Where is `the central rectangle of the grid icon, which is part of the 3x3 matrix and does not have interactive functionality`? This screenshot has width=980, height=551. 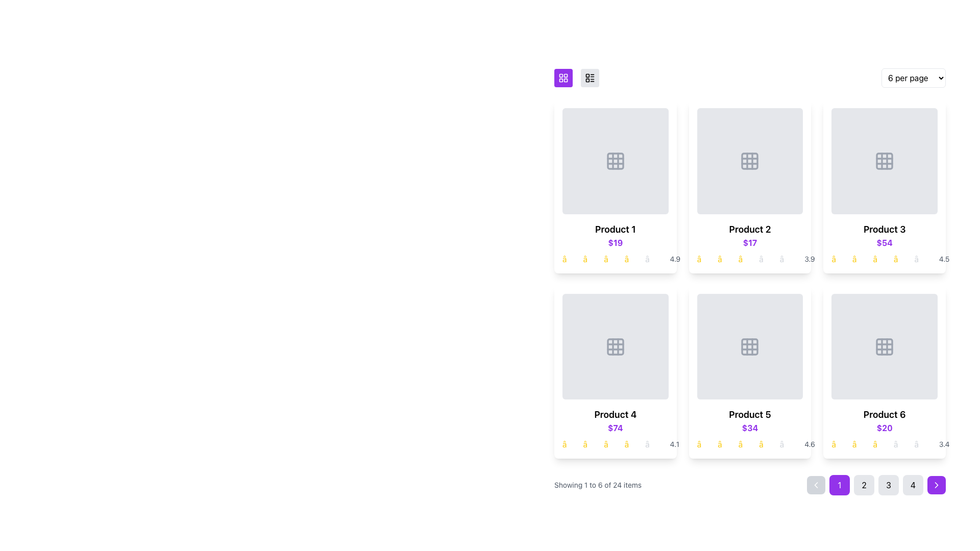
the central rectangle of the grid icon, which is part of the 3x3 matrix and does not have interactive functionality is located at coordinates (615, 161).